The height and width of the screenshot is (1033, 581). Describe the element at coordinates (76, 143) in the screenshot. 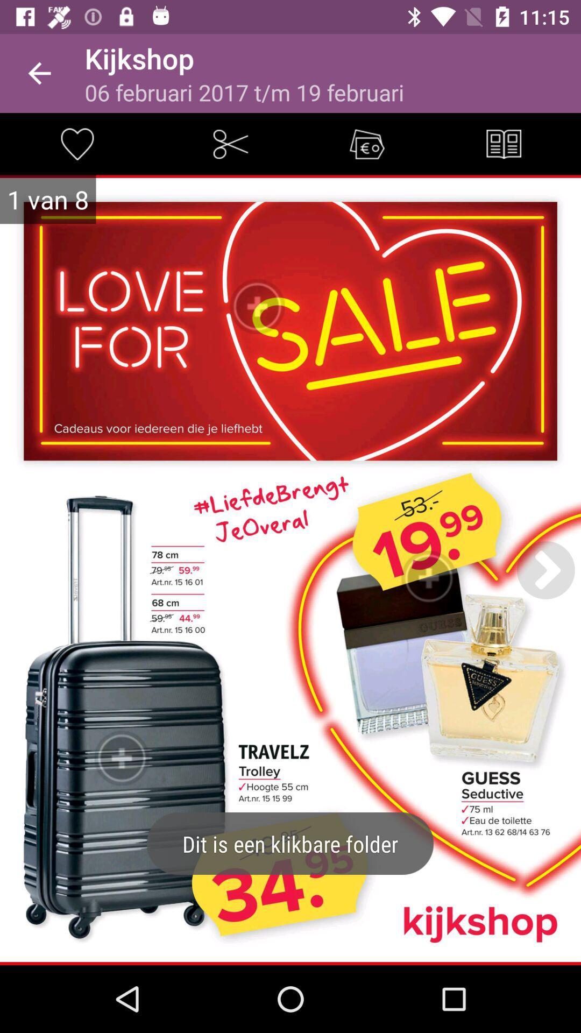

I see `like option` at that location.